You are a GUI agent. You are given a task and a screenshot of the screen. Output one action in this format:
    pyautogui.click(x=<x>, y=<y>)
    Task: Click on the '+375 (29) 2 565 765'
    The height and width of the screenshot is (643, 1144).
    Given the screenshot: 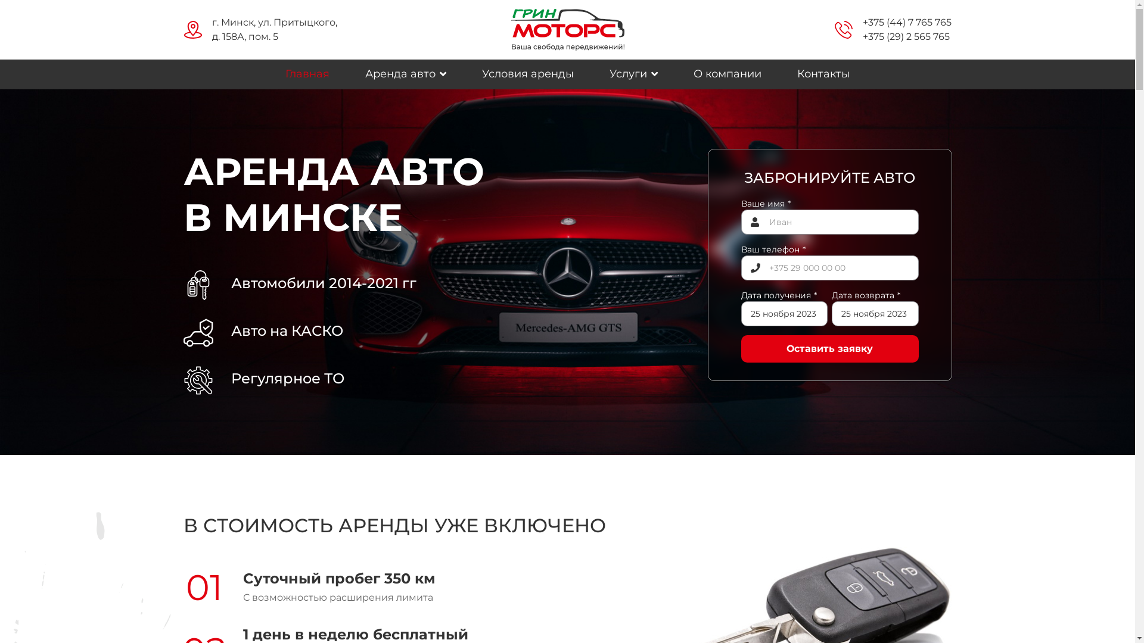 What is the action you would take?
    pyautogui.click(x=906, y=36)
    